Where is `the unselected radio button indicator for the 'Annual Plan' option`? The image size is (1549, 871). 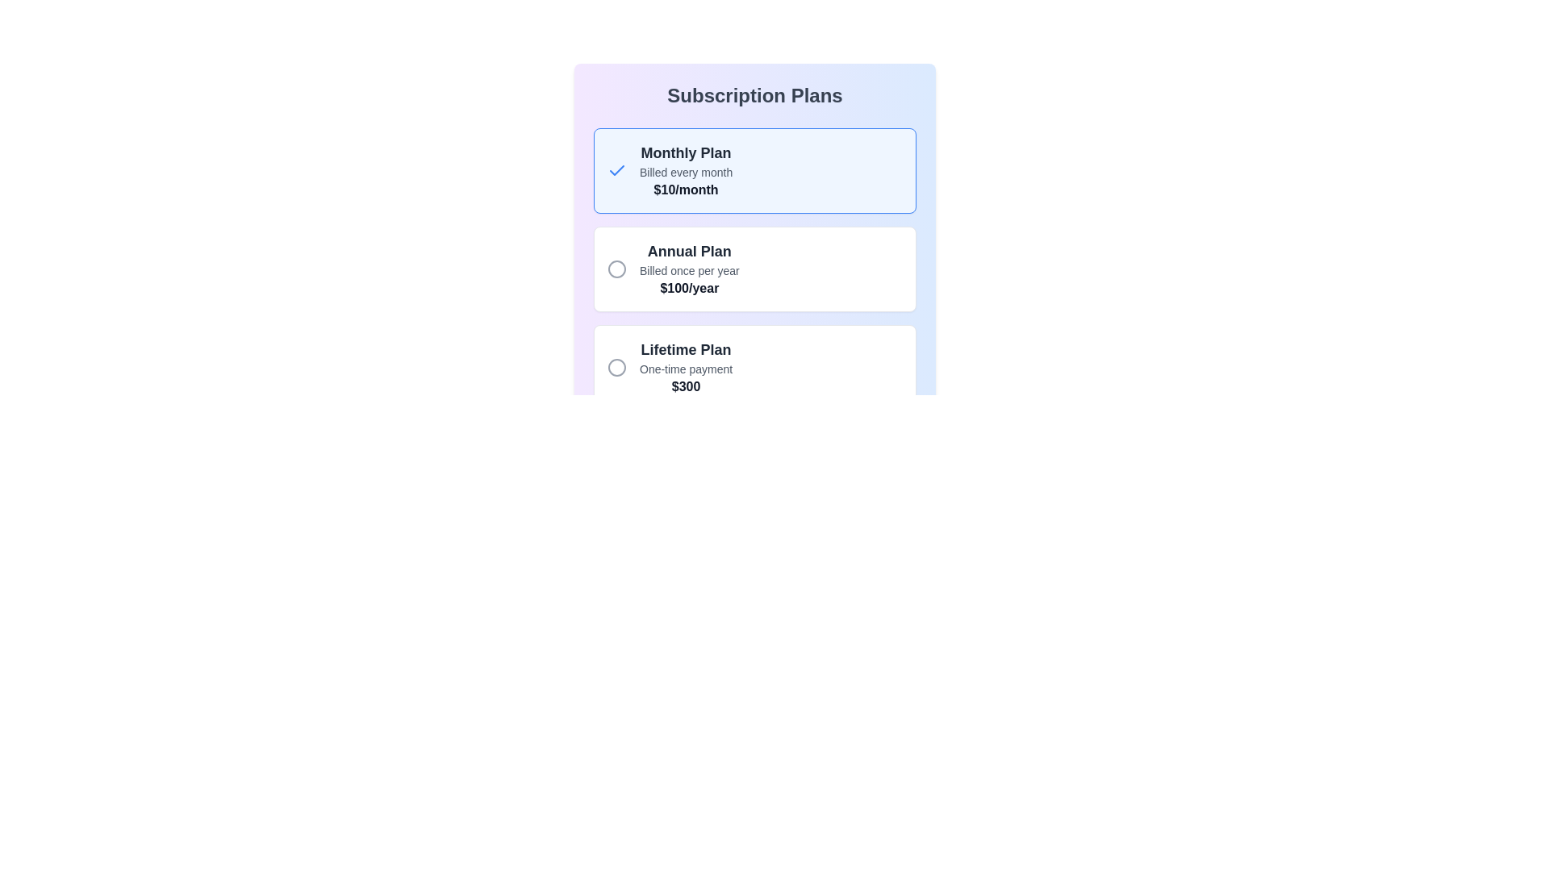 the unselected radio button indicator for the 'Annual Plan' option is located at coordinates (616, 269).